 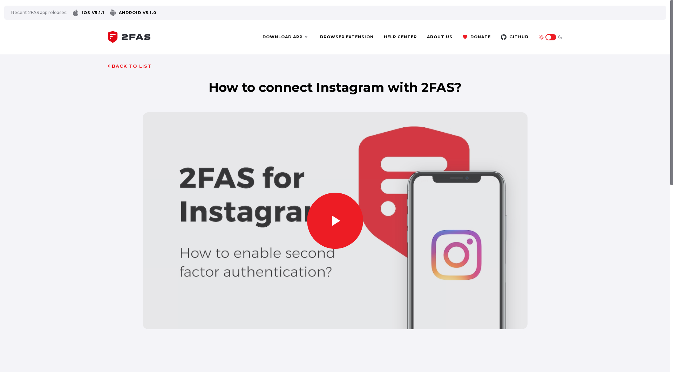 What do you see at coordinates (88, 12) in the screenshot?
I see `'IOS V5.1.1'` at bounding box center [88, 12].